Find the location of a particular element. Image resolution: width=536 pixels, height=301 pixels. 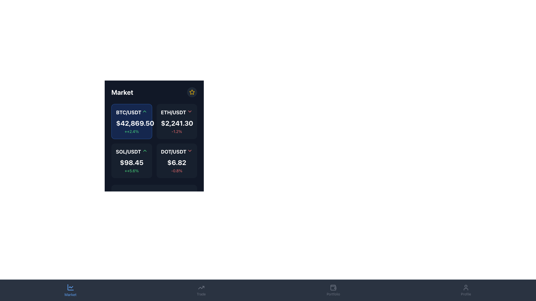

the text label displaying 'Trade', which is styled in light gray and positioned centrally within the third tab of the bottom navigation bar, directly below the trending line icon is located at coordinates (201, 294).